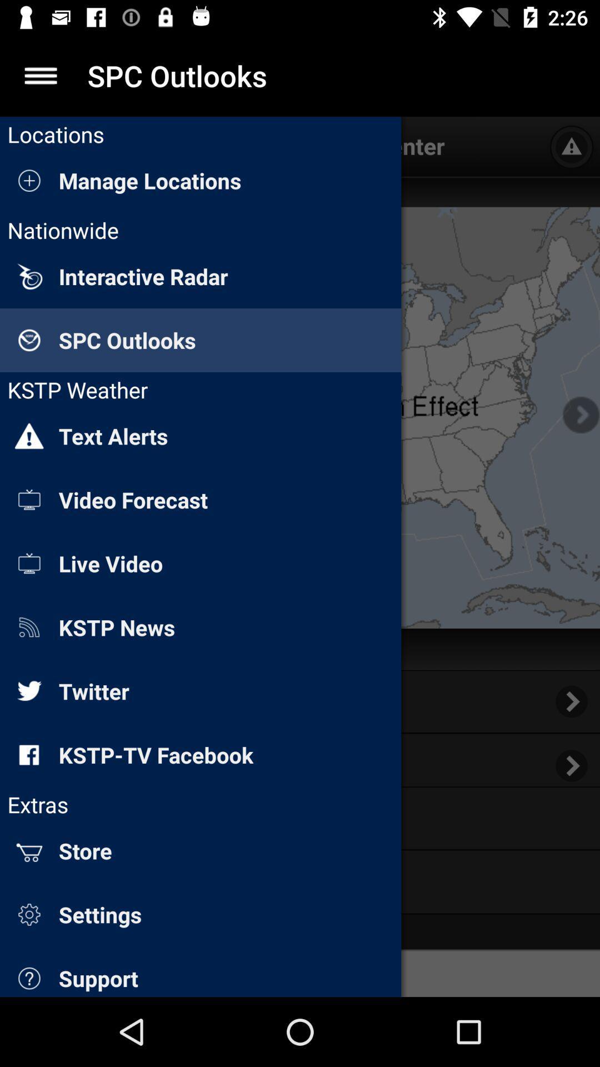 The height and width of the screenshot is (1067, 600). I want to click on the app next to spc outlooks item, so click(40, 75).